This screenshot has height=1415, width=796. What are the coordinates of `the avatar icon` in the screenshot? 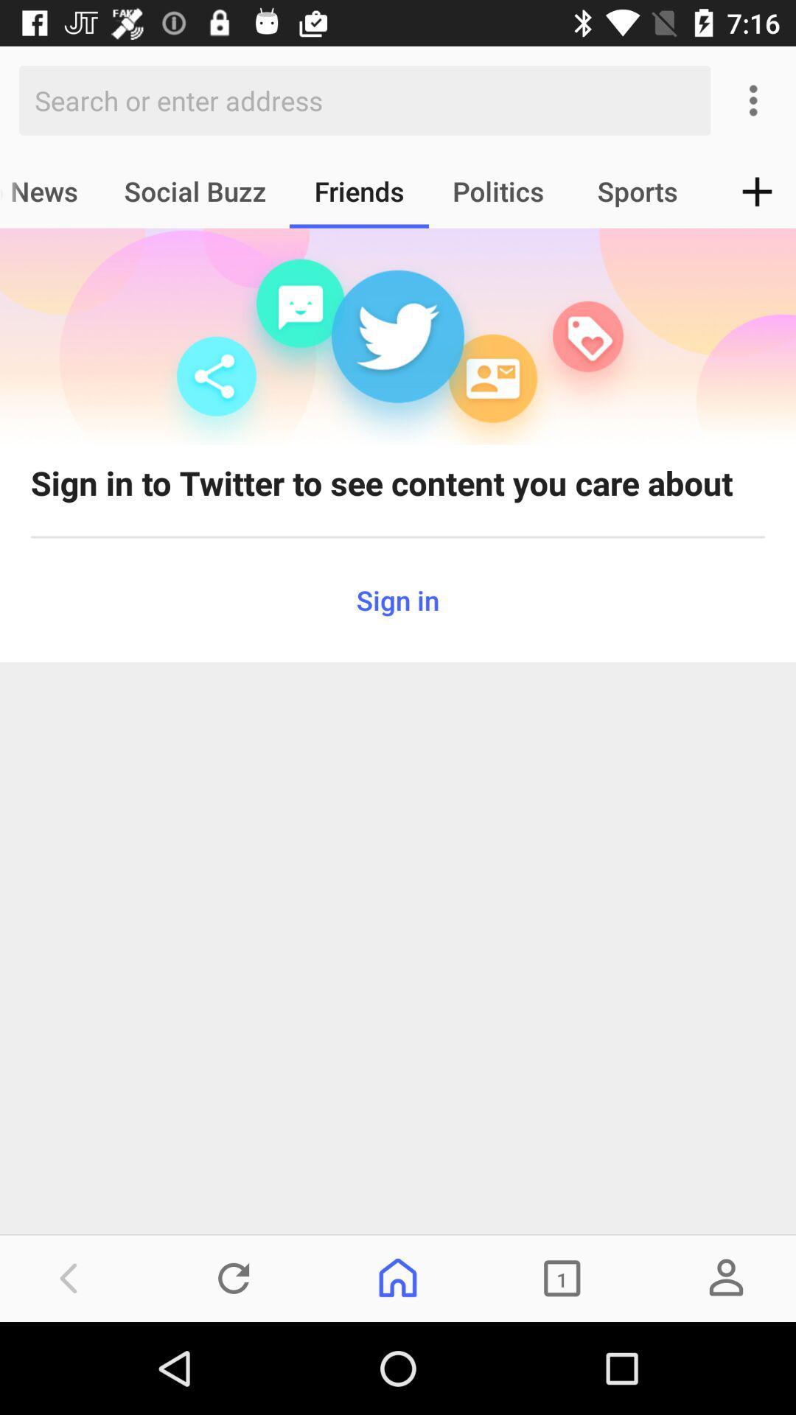 It's located at (725, 1277).